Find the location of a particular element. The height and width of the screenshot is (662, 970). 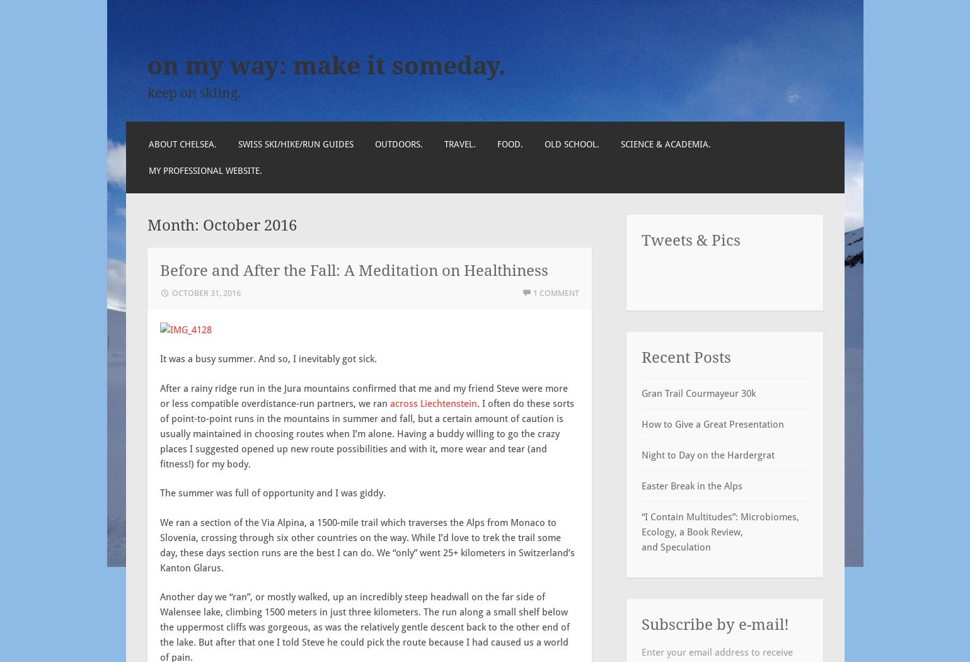

'Recent Posts' is located at coordinates (685, 357).